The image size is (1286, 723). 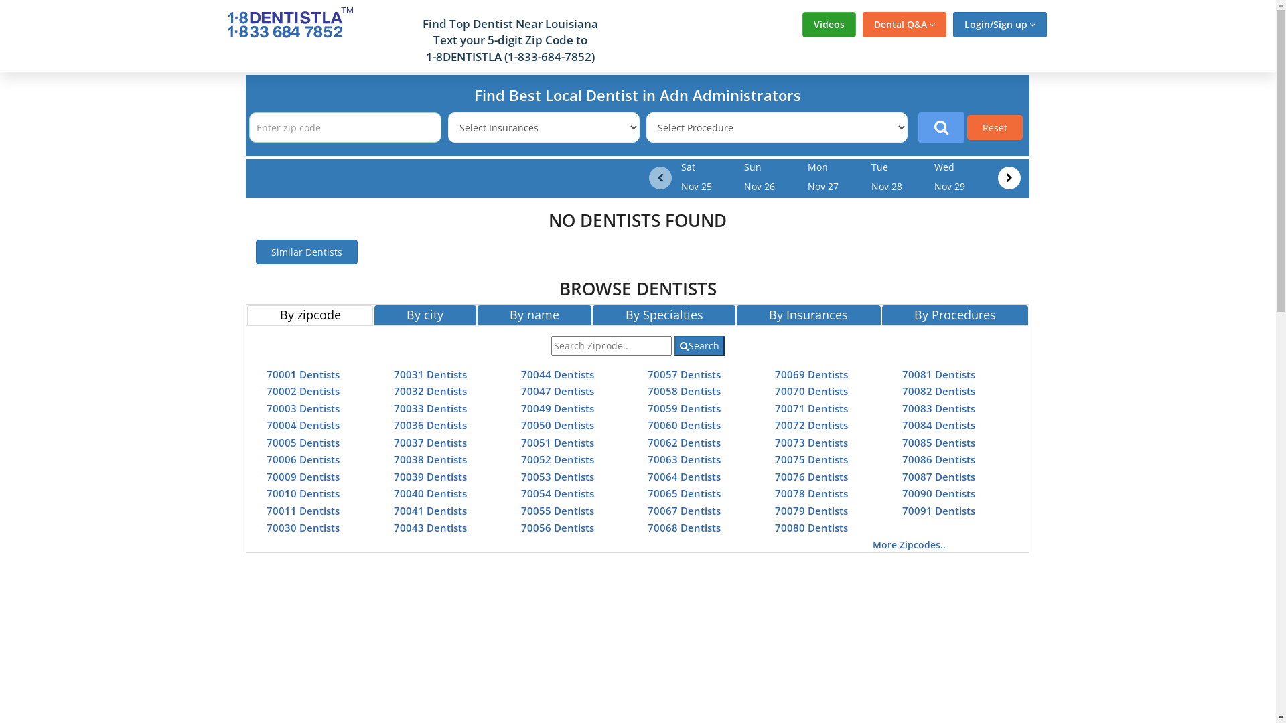 What do you see at coordinates (684, 459) in the screenshot?
I see `'70063 Dentists'` at bounding box center [684, 459].